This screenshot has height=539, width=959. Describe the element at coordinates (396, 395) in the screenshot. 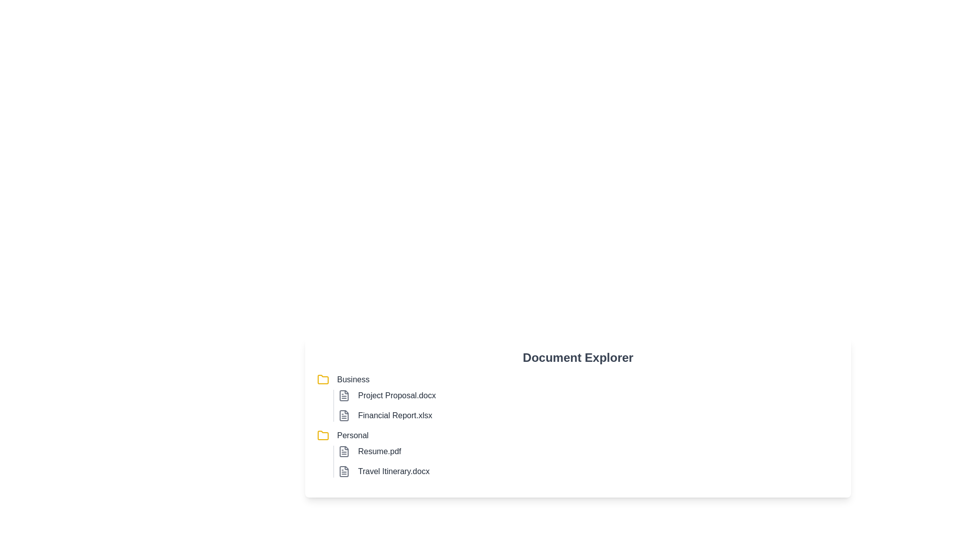

I see `the text label 'Project Proposal.docx' located` at that location.